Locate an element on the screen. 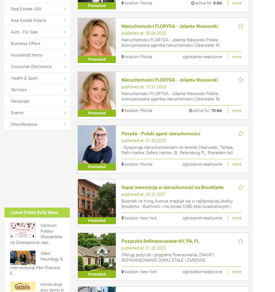 This screenshot has height=292, width=275. 'Real Estate Poland' is located at coordinates (28, 20).